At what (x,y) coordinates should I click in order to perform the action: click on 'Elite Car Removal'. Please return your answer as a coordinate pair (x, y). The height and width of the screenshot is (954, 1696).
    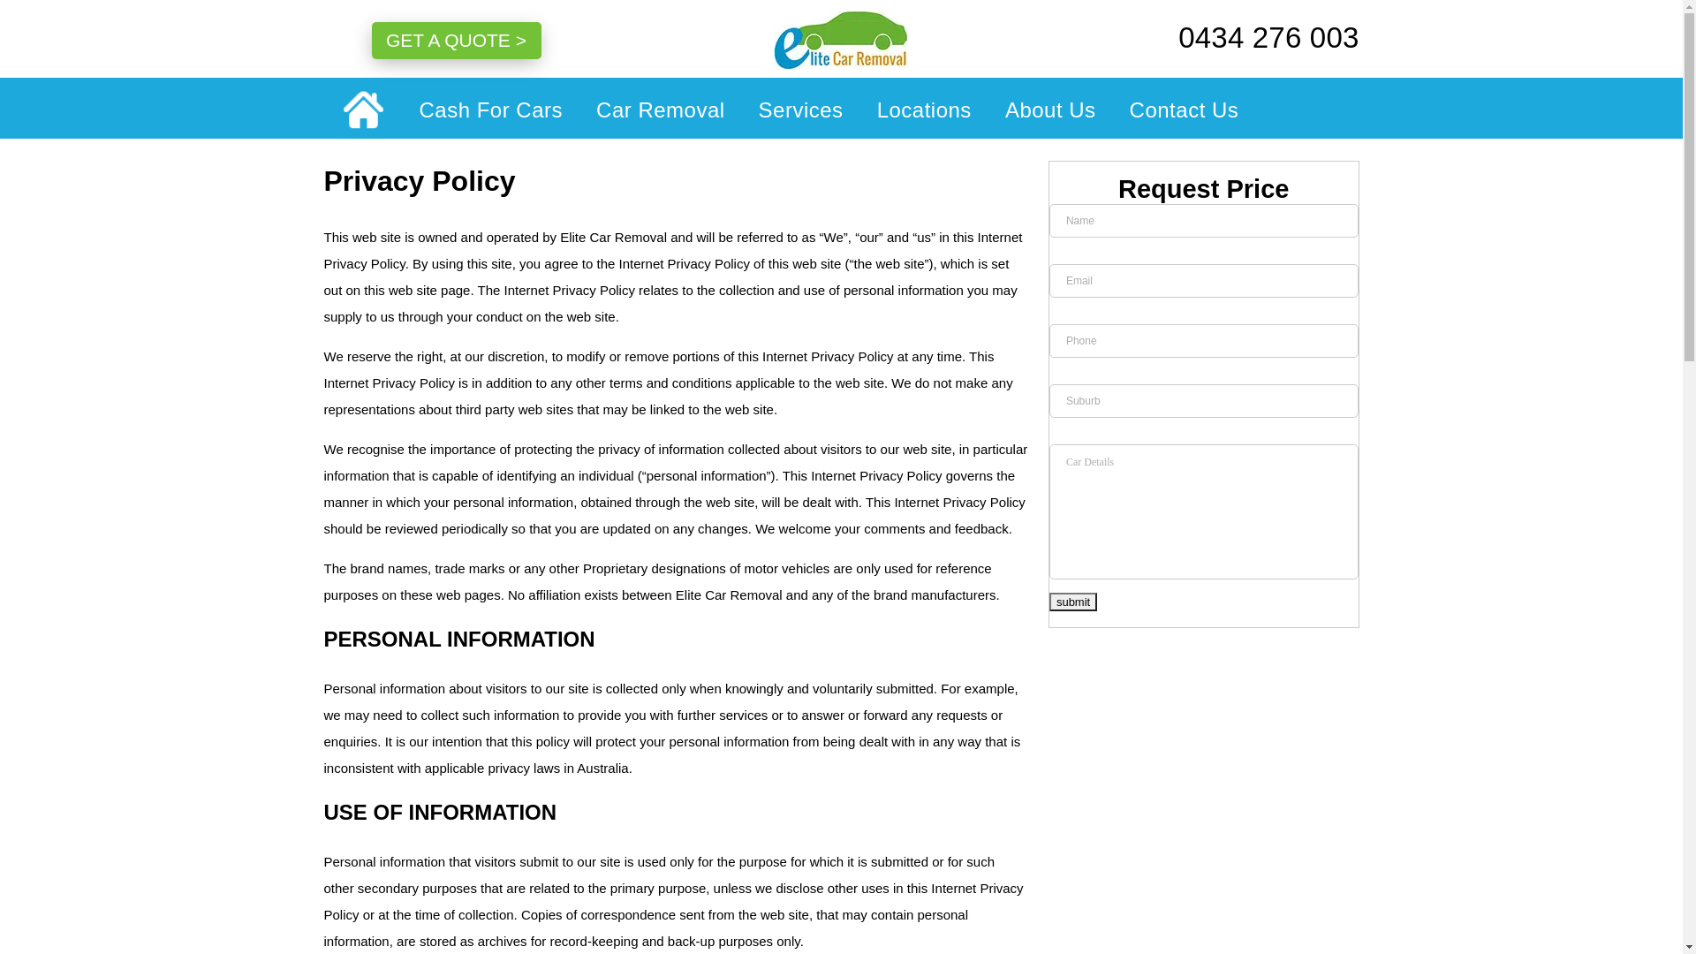
    Looking at the image, I should click on (841, 40).